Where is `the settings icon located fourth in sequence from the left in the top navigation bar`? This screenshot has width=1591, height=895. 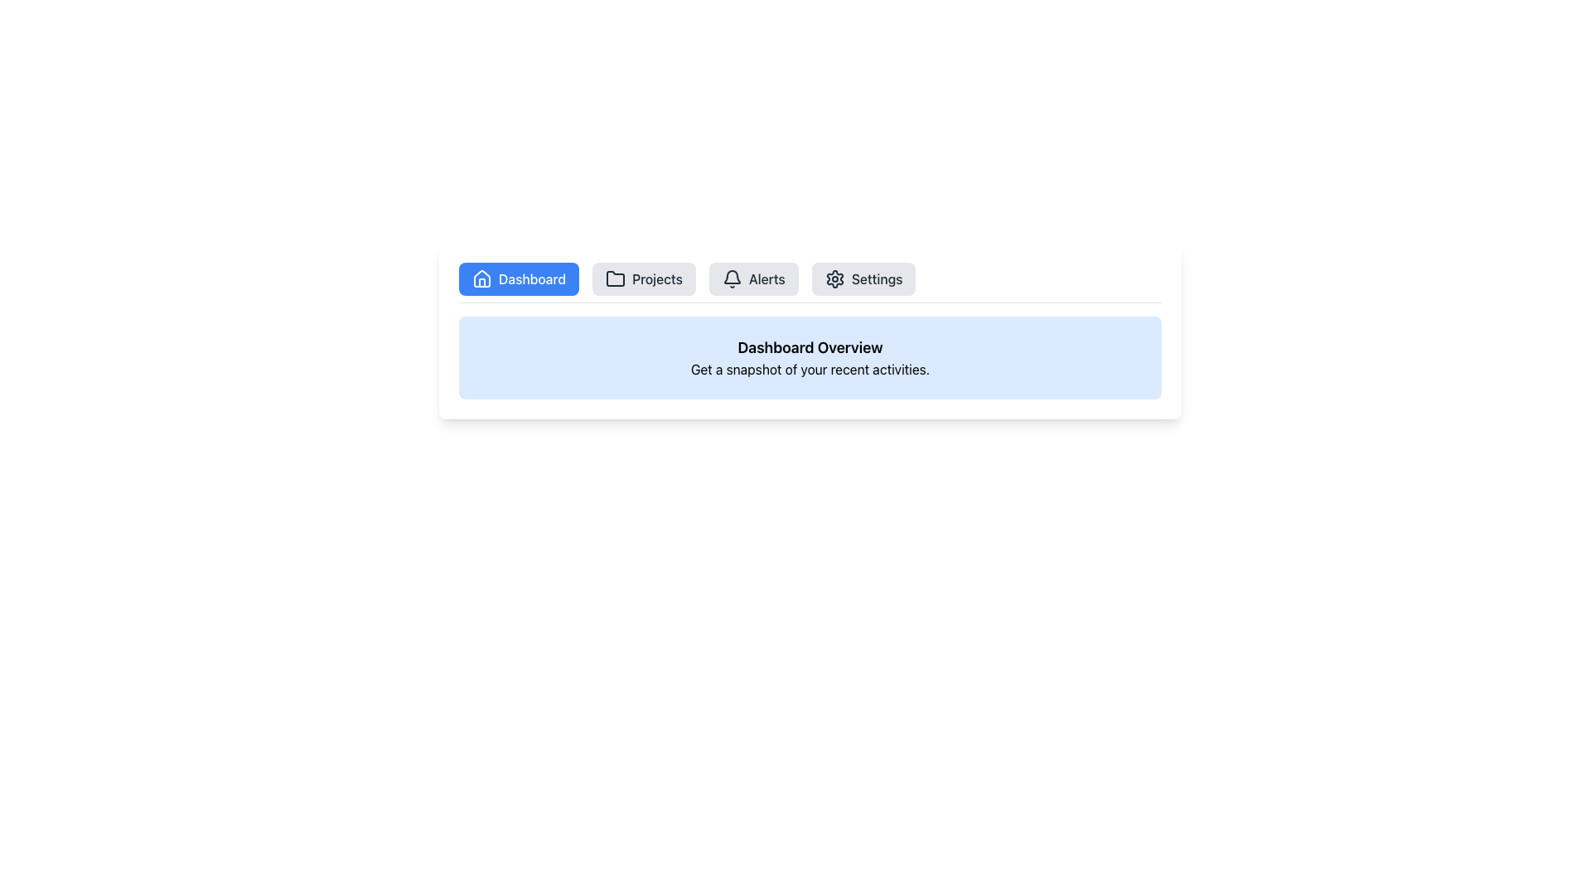
the settings icon located fourth in sequence from the left in the top navigation bar is located at coordinates (834, 278).